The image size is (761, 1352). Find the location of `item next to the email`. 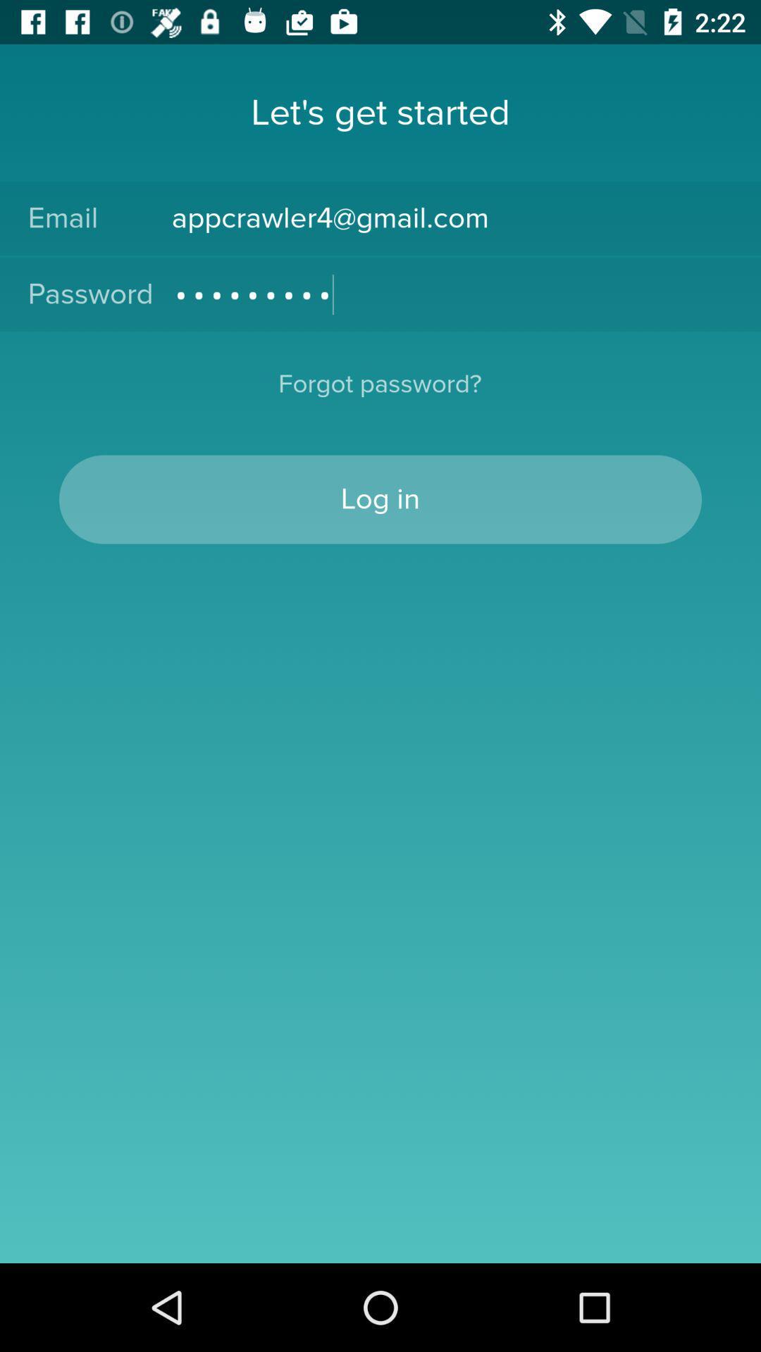

item next to the email is located at coordinates (452, 218).